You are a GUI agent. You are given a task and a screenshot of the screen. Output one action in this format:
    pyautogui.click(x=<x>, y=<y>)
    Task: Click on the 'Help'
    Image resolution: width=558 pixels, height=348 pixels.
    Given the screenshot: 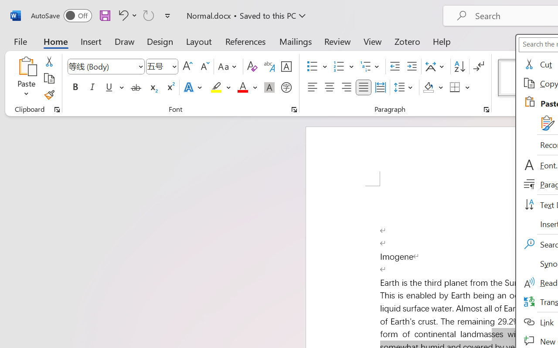 What is the action you would take?
    pyautogui.click(x=442, y=41)
    